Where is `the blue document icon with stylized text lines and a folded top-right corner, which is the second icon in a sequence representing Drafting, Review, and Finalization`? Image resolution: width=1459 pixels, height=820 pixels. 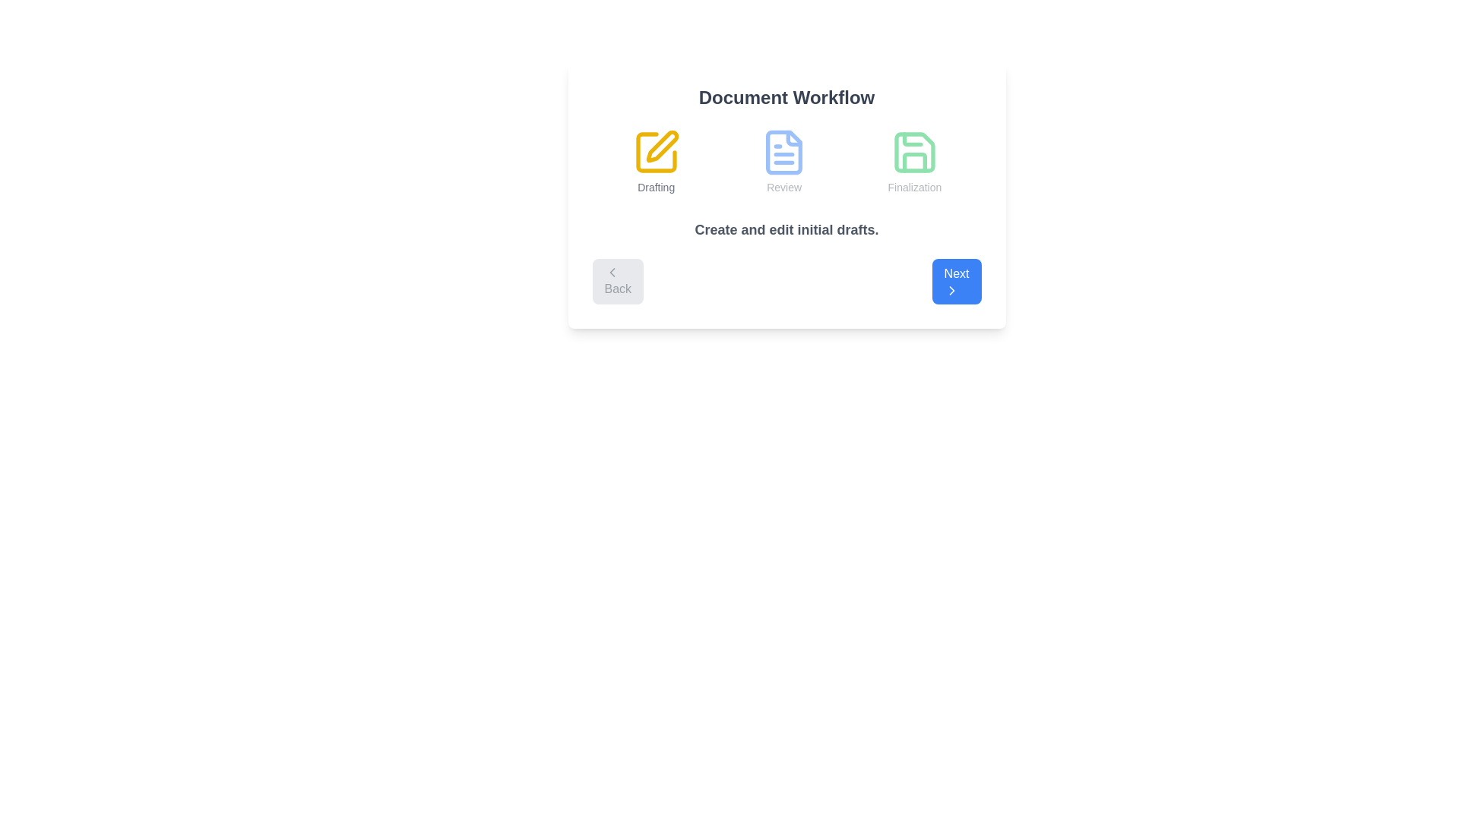 the blue document icon with stylized text lines and a folded top-right corner, which is the second icon in a sequence representing Drafting, Review, and Finalization is located at coordinates (784, 152).